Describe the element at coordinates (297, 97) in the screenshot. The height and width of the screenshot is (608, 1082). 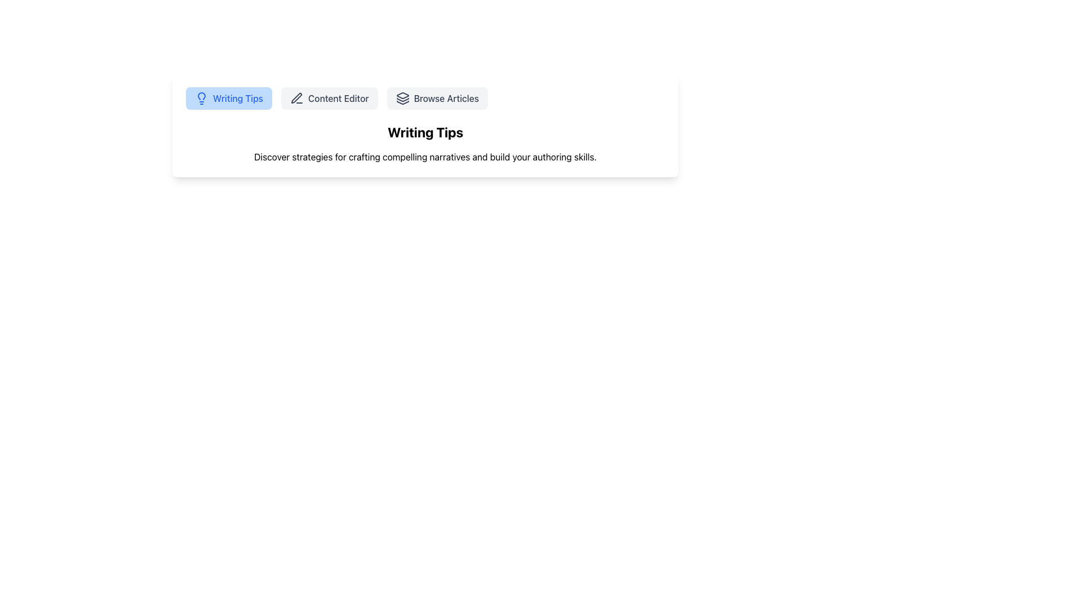
I see `the 'Content Editor' button which contains a pen icon` at that location.